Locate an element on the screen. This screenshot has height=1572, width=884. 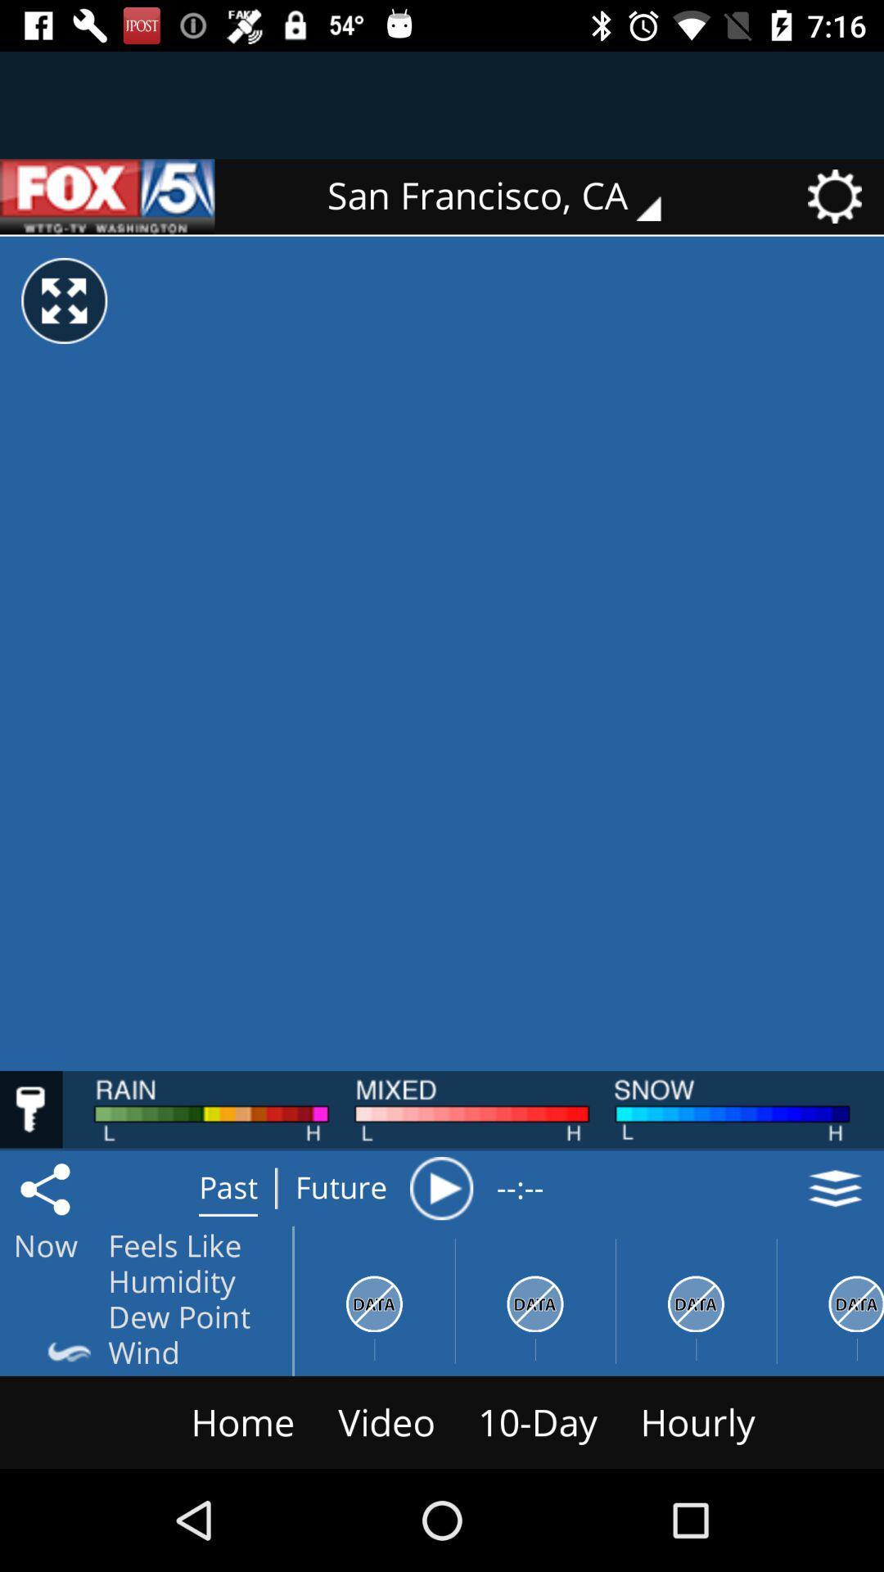
the share icon is located at coordinates (47, 1188).